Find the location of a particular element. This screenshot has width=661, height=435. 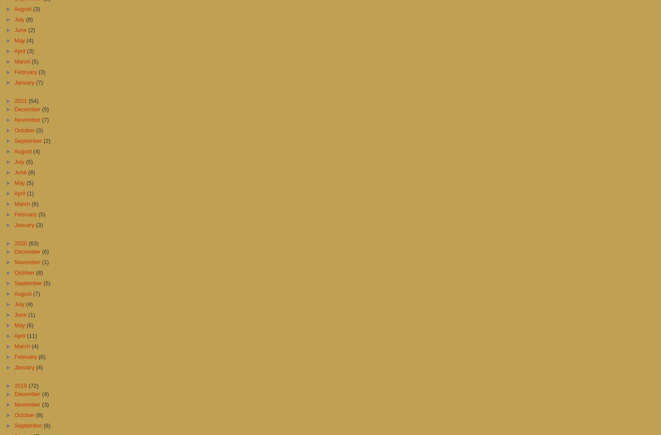

'(63)' is located at coordinates (28, 242).